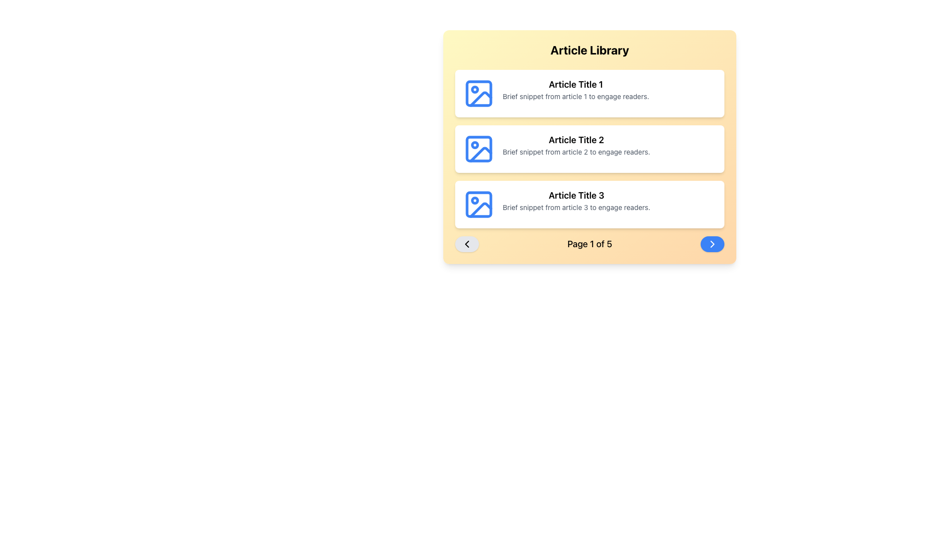  I want to click on the SVG icon representing 'Article Title 1', so click(478, 94).